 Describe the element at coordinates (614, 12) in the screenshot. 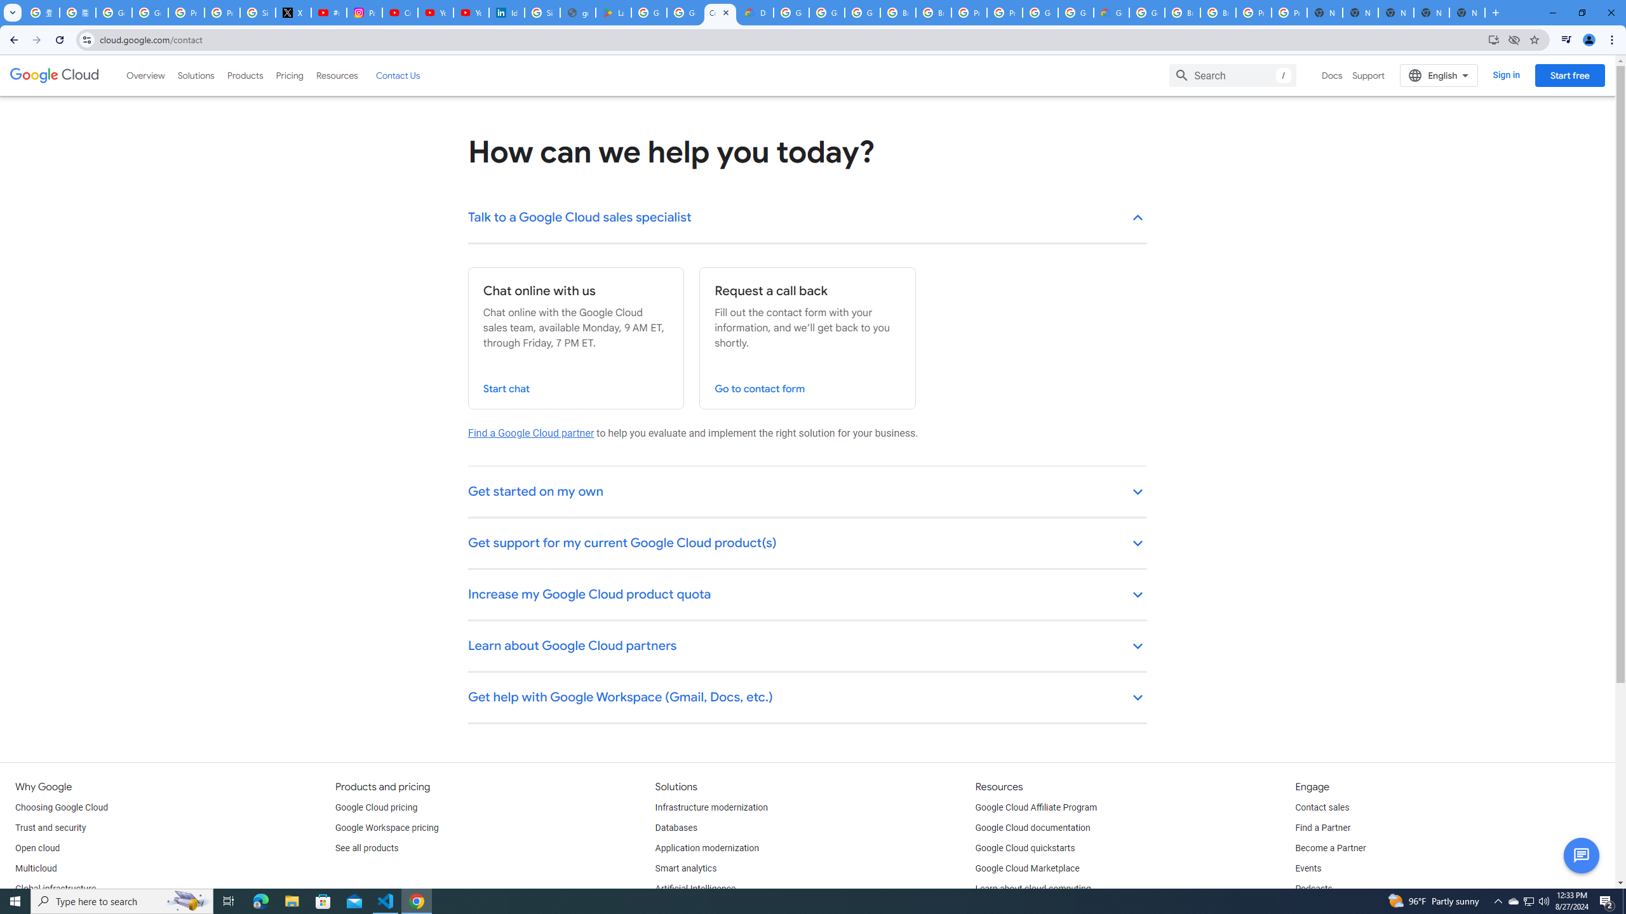

I see `'Last Shelter: Survival - Apps on Google Play'` at that location.